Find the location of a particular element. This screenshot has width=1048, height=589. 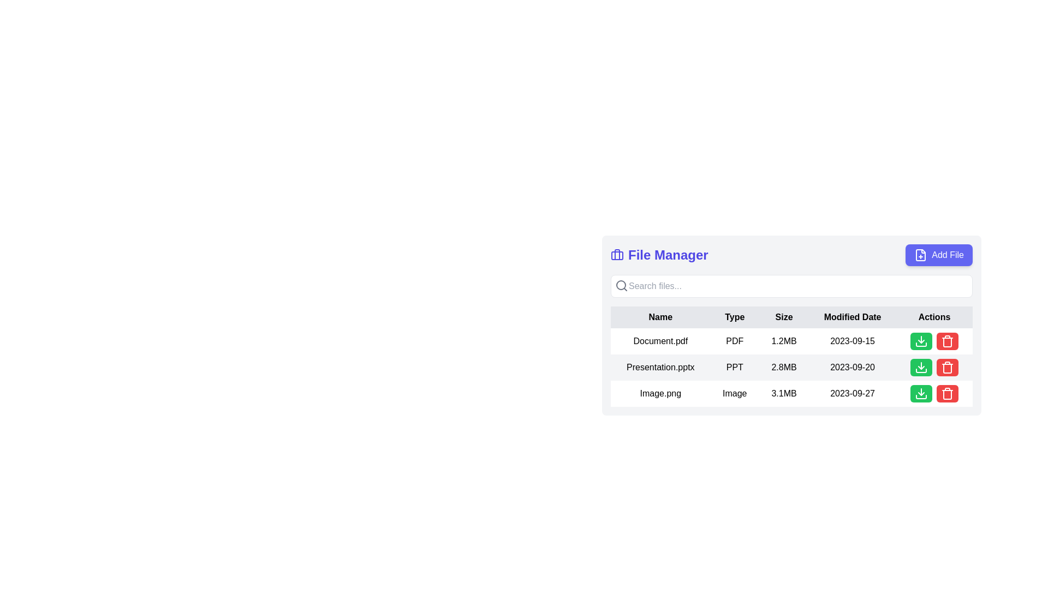

the trash icon button with a red background located at the far right of the row in the table is located at coordinates (947, 368).